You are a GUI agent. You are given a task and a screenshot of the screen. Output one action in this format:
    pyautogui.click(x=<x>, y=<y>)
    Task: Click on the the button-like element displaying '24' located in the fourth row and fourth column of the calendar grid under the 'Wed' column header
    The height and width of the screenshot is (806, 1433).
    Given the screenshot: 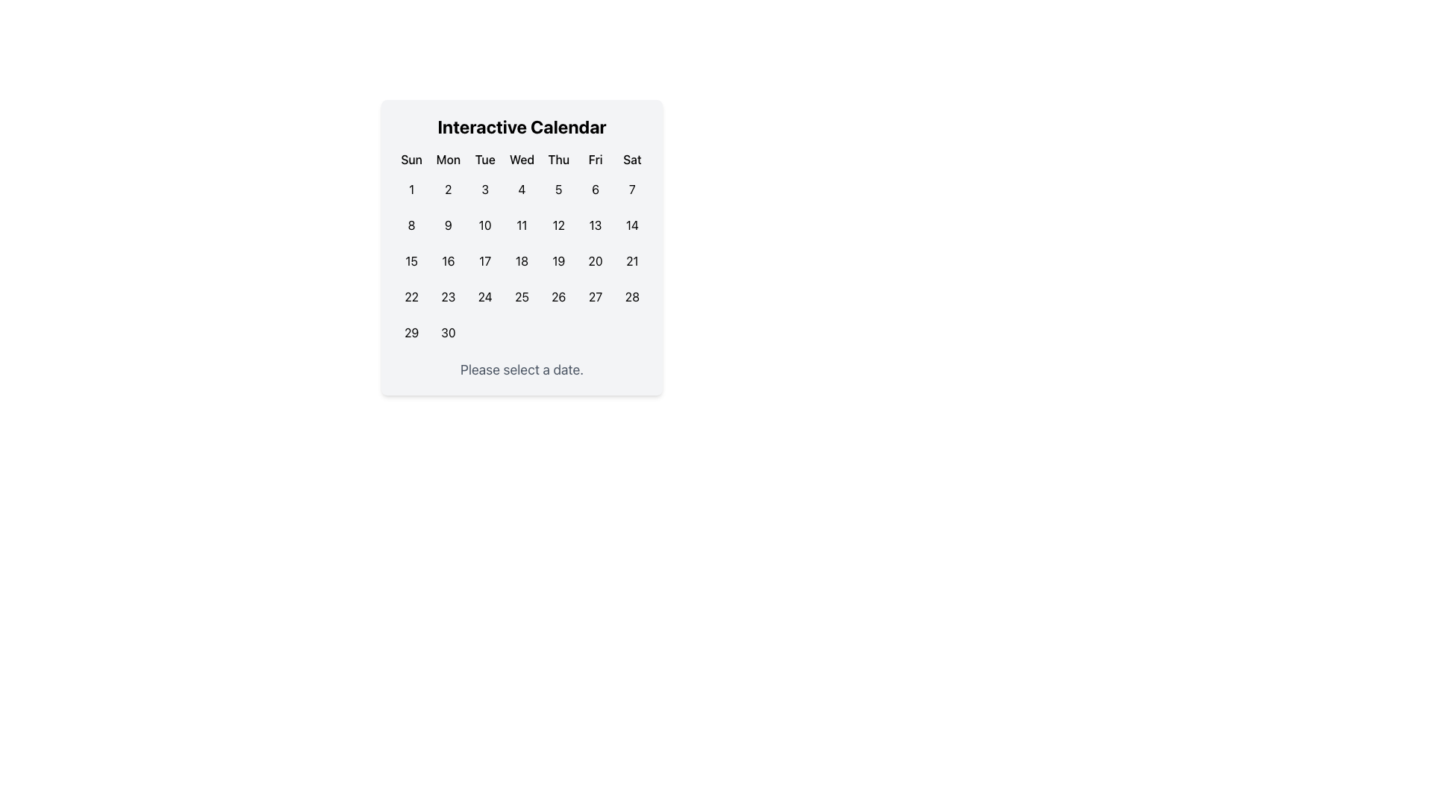 What is the action you would take?
    pyautogui.click(x=485, y=296)
    